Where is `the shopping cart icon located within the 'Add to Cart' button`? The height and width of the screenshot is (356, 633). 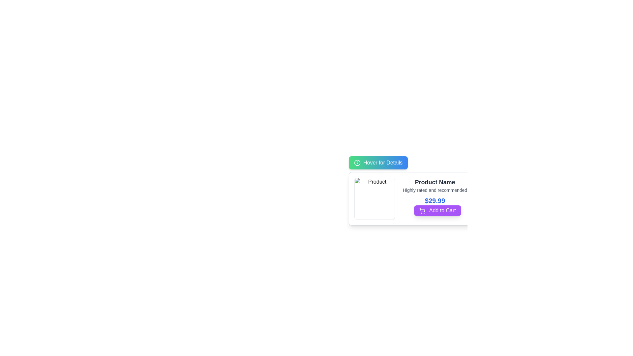
the shopping cart icon located within the 'Add to Cart' button is located at coordinates (422, 211).